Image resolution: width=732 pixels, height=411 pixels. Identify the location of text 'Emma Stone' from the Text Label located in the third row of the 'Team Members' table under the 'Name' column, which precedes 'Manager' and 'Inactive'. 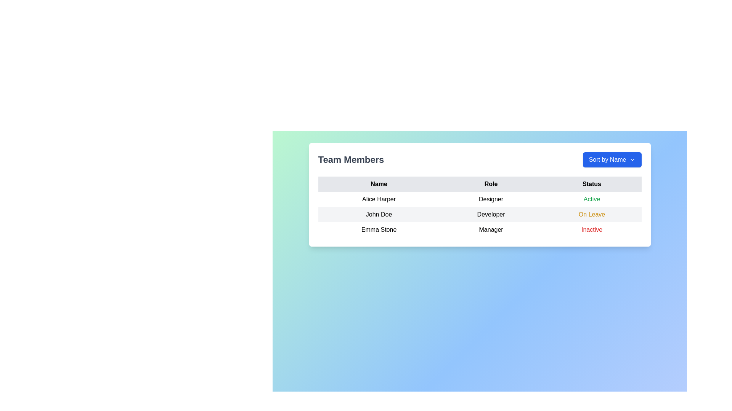
(379, 229).